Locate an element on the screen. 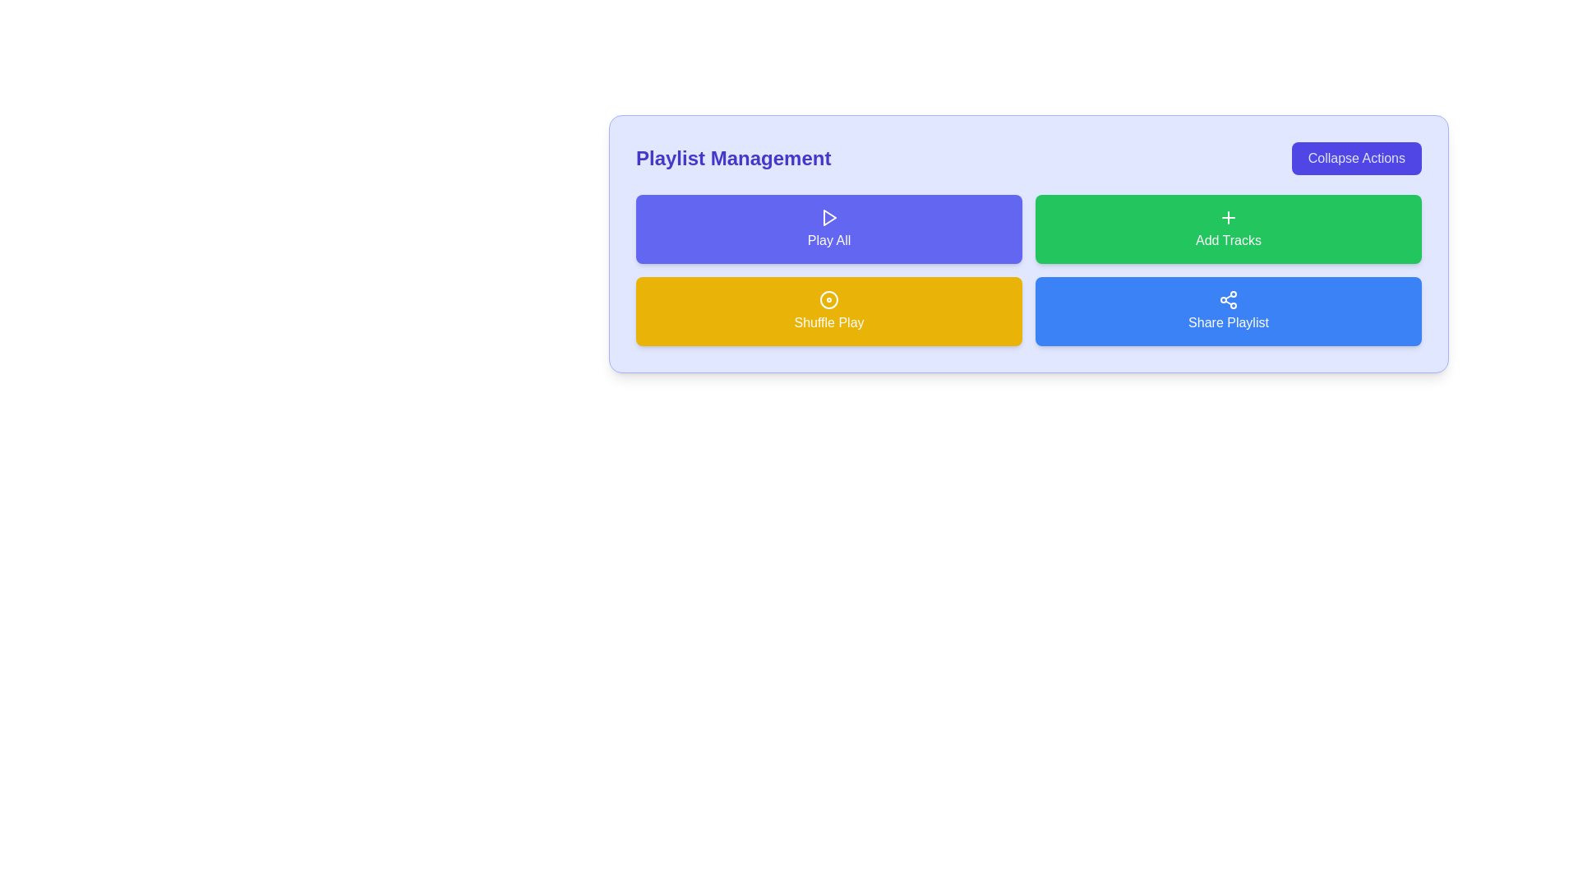 Image resolution: width=1578 pixels, height=888 pixels. the 'Shuffle Play' icon, which is a circular icon indicating the shuffle playback feature, located in the bottom-left corner of the yellow section under the 'Playlist Management' heading is located at coordinates (828, 300).